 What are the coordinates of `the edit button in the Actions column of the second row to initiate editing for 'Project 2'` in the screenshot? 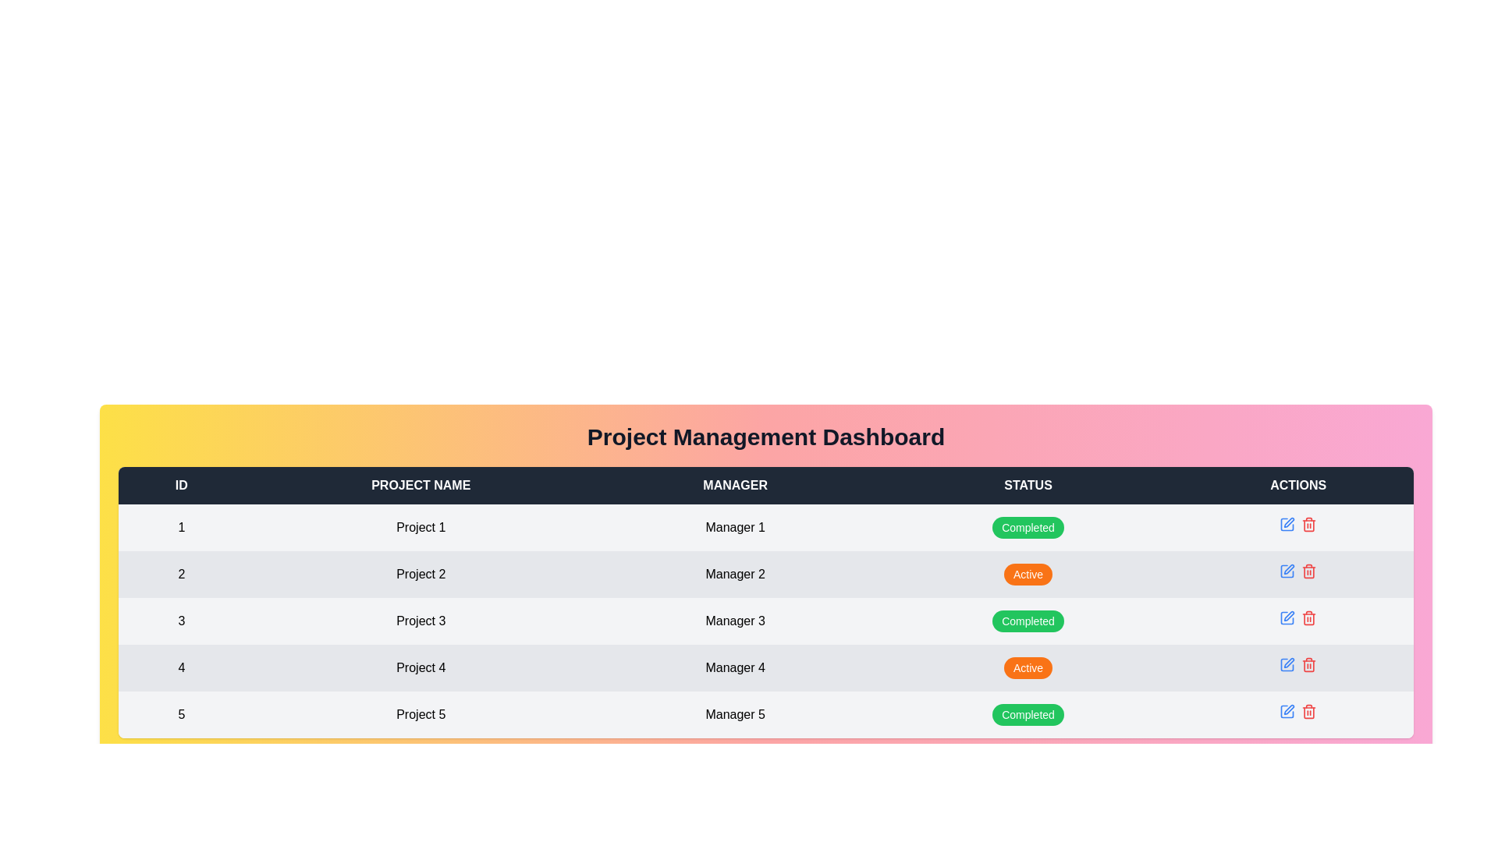 It's located at (1287, 571).